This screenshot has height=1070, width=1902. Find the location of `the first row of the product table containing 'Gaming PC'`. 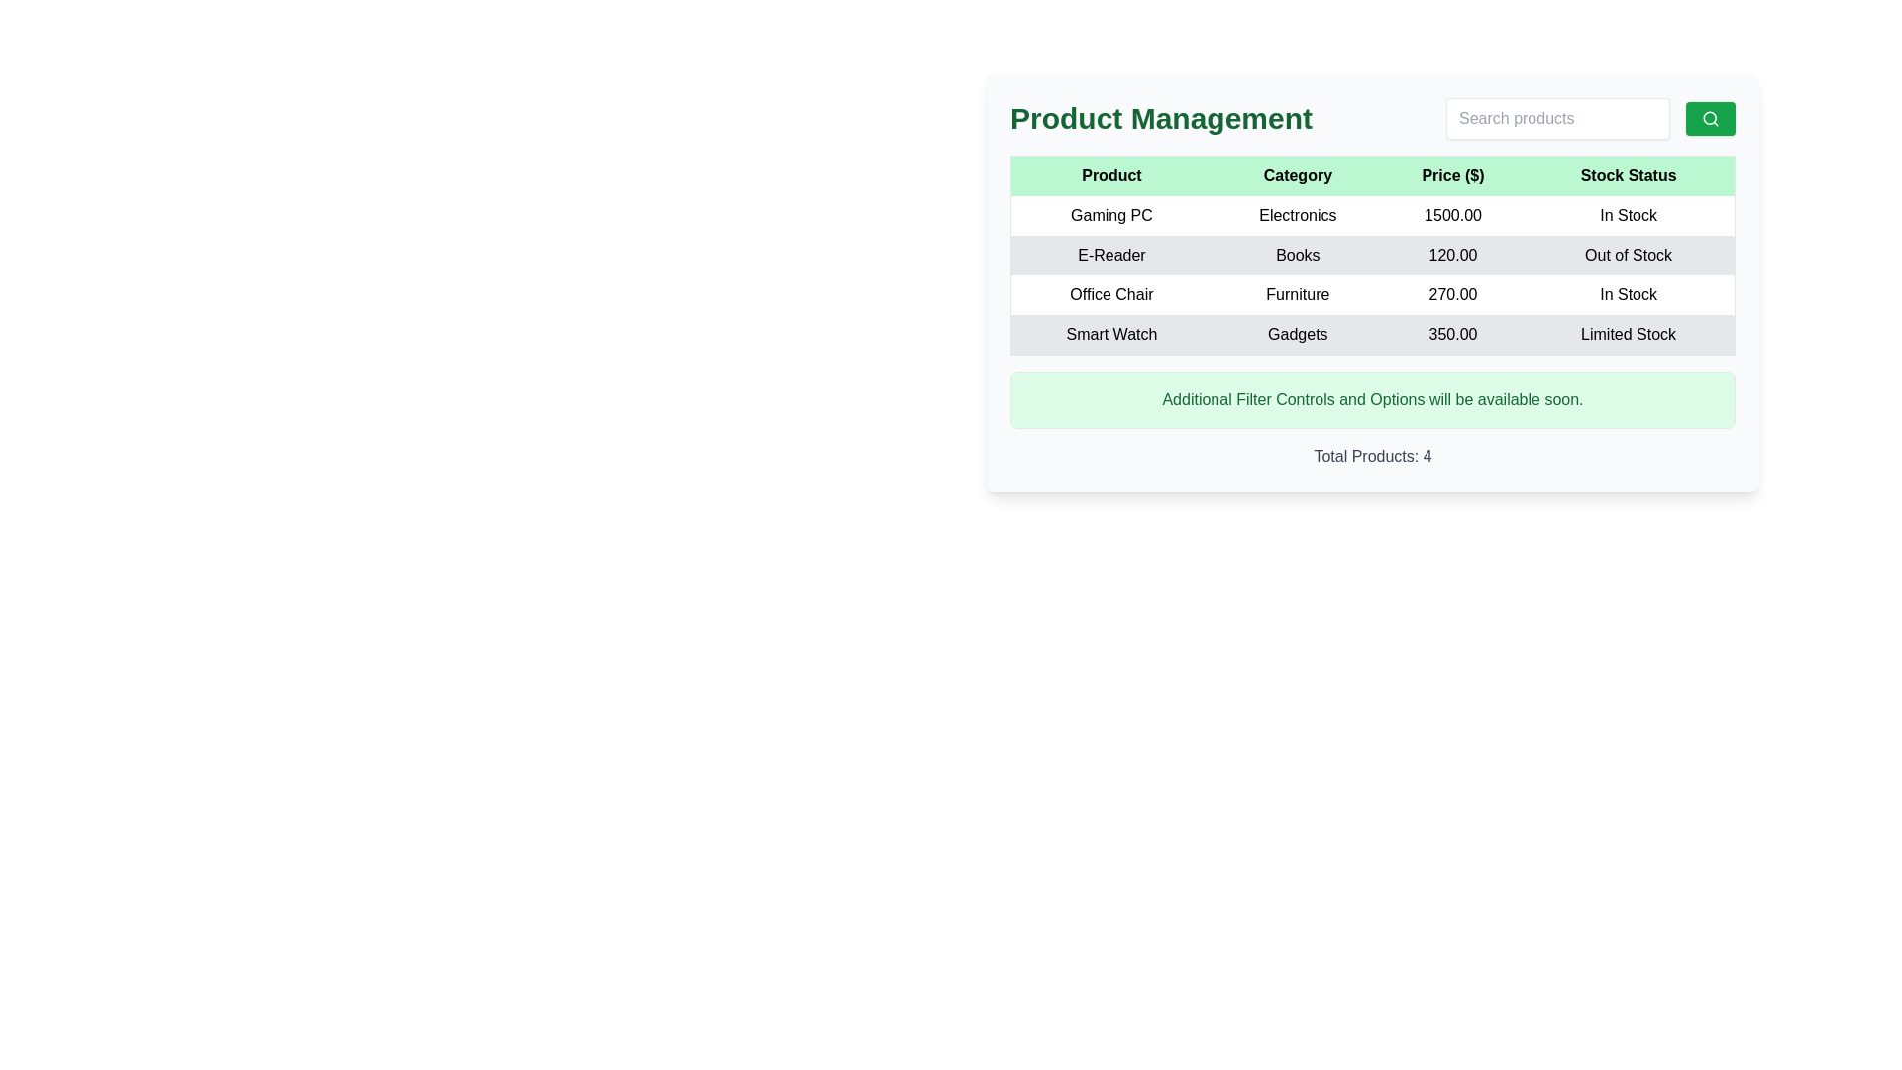

the first row of the product table containing 'Gaming PC' is located at coordinates (1372, 216).